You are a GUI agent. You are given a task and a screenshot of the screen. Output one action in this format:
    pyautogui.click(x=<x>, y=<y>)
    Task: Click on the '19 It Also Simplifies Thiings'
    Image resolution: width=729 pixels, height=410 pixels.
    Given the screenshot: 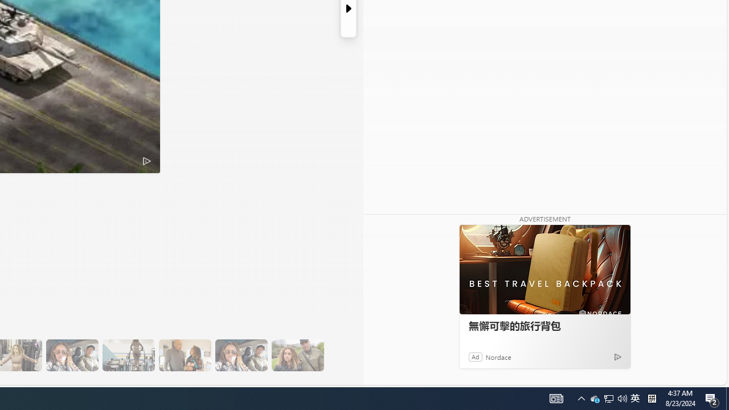 What is the action you would take?
    pyautogui.click(x=240, y=355)
    